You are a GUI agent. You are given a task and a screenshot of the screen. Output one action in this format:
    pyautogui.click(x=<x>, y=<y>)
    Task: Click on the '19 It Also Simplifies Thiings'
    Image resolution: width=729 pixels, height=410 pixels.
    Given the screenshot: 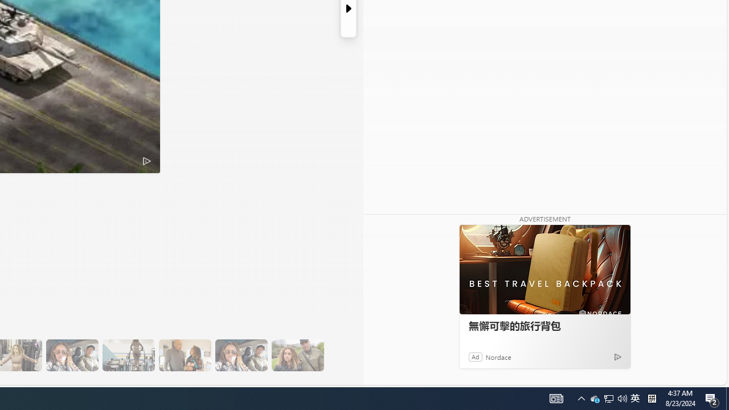 What is the action you would take?
    pyautogui.click(x=240, y=355)
    